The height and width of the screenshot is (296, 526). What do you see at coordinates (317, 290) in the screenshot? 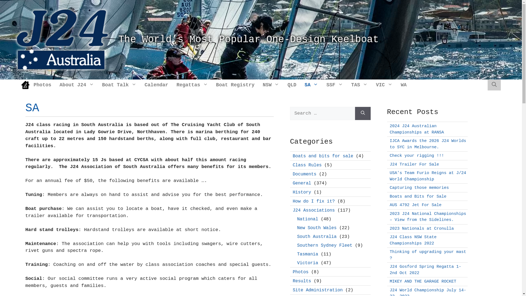
I see `'Site Administration'` at bounding box center [317, 290].